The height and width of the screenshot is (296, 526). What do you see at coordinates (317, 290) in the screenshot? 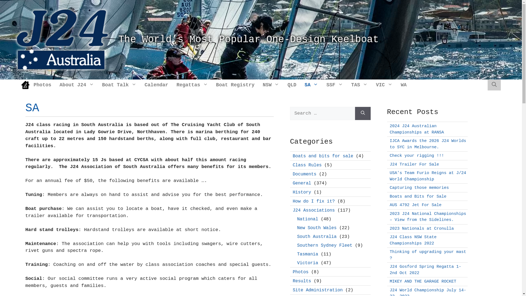
I see `'Site Administration'` at bounding box center [317, 290].